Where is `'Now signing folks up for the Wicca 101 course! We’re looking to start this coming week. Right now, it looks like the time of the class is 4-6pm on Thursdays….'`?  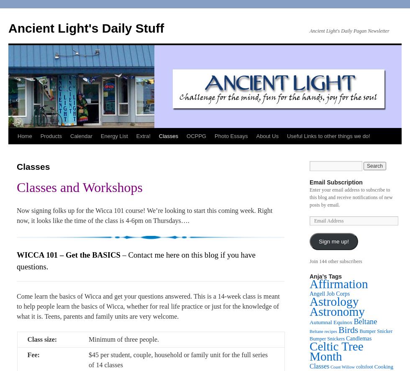
'Now signing folks up for the Wicca 101 course! We’re looking to start this coming week. Right now, it looks like the time of the class is 4-6pm on Thursdays….' is located at coordinates (144, 215).